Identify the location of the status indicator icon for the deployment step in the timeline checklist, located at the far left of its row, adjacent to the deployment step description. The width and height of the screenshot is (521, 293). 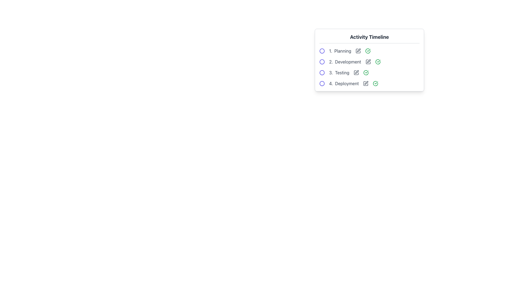
(322, 84).